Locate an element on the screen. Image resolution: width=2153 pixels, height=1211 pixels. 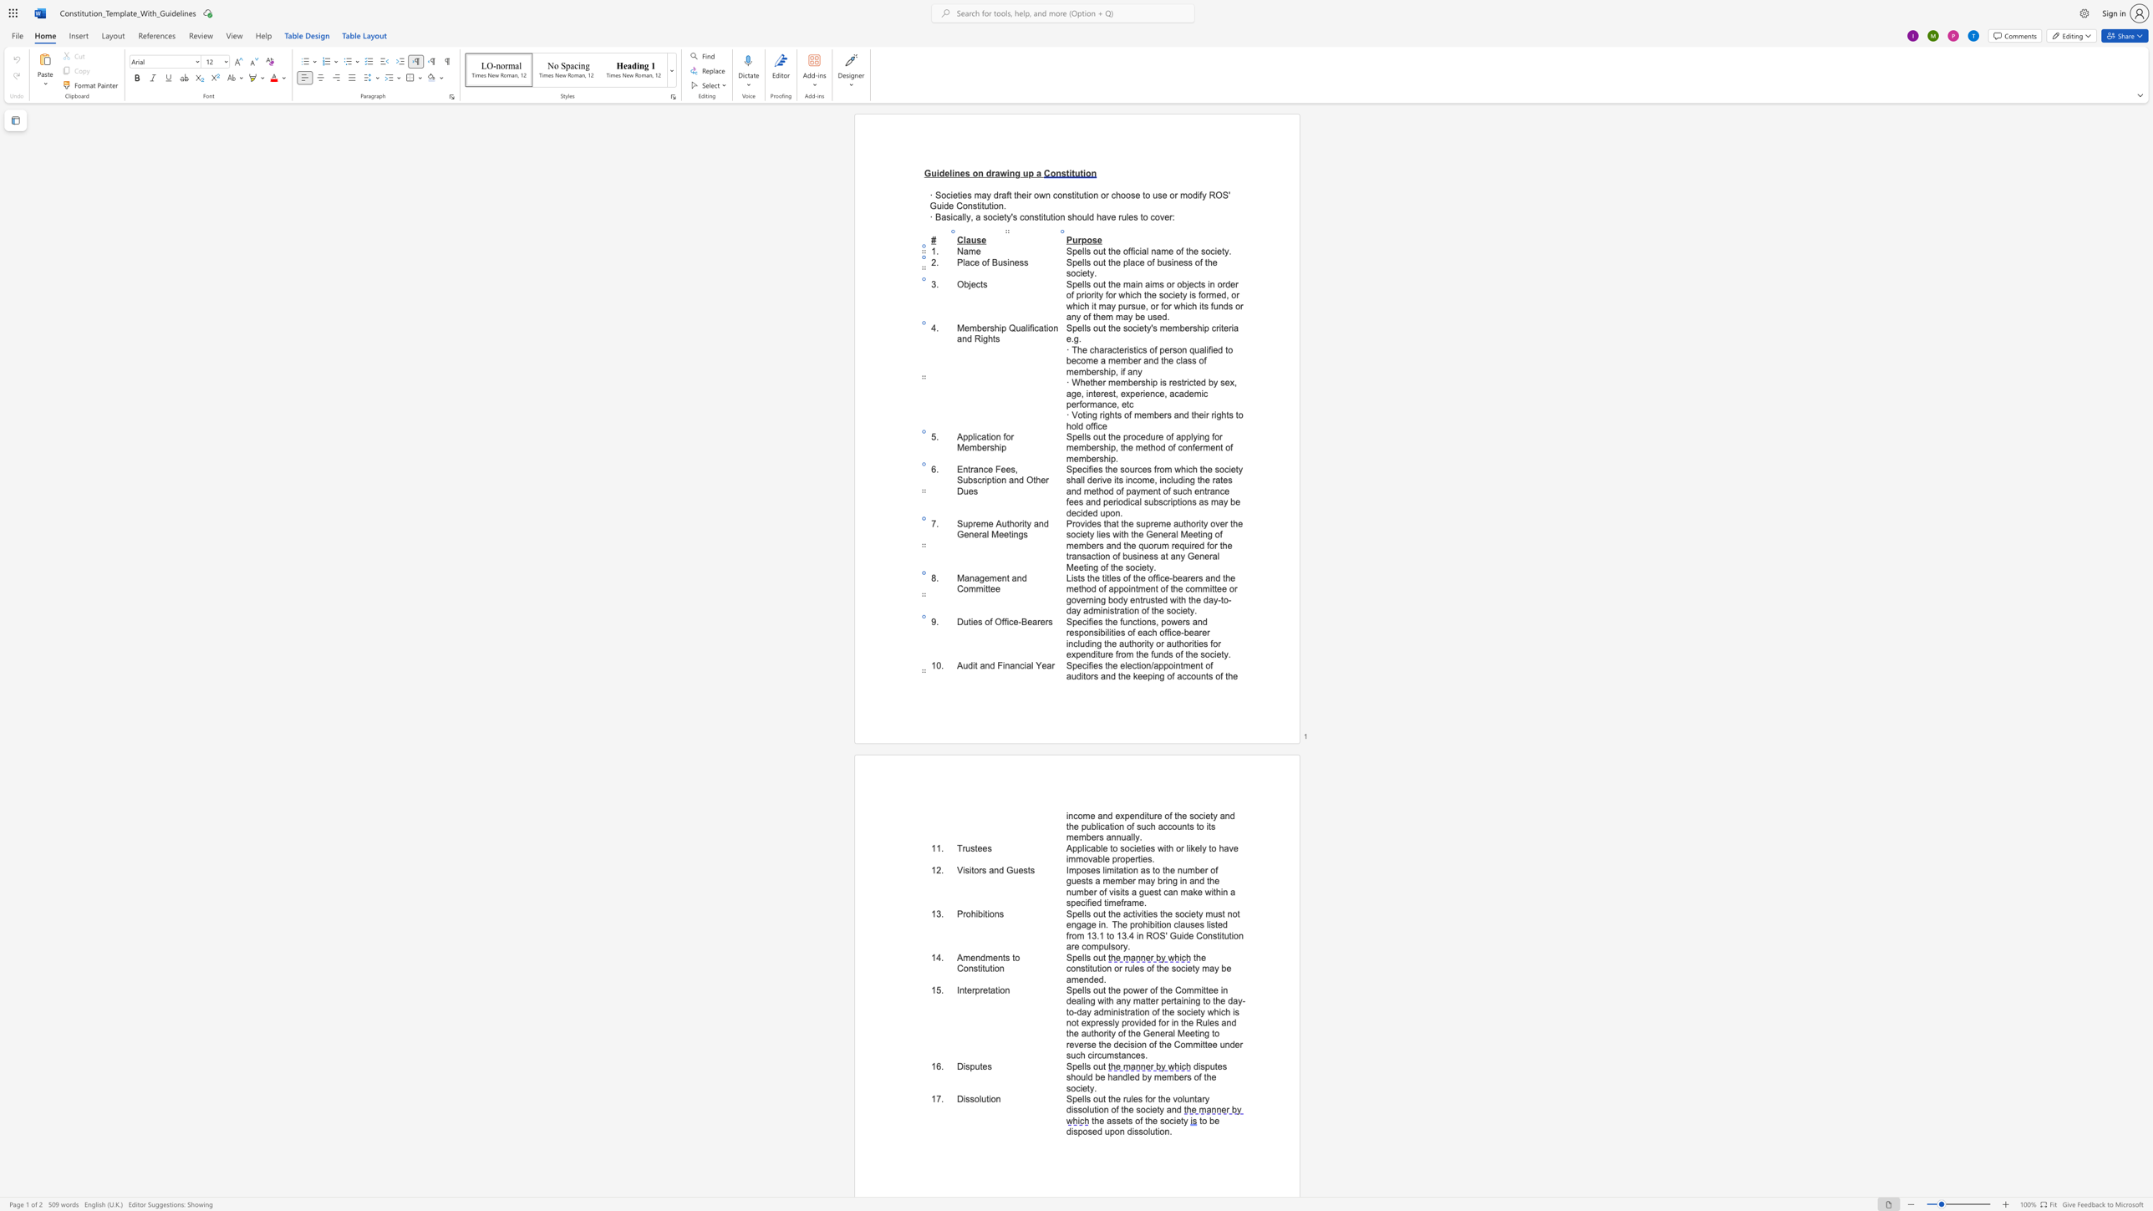
the 1th character "c" in the text is located at coordinates (1087, 847).